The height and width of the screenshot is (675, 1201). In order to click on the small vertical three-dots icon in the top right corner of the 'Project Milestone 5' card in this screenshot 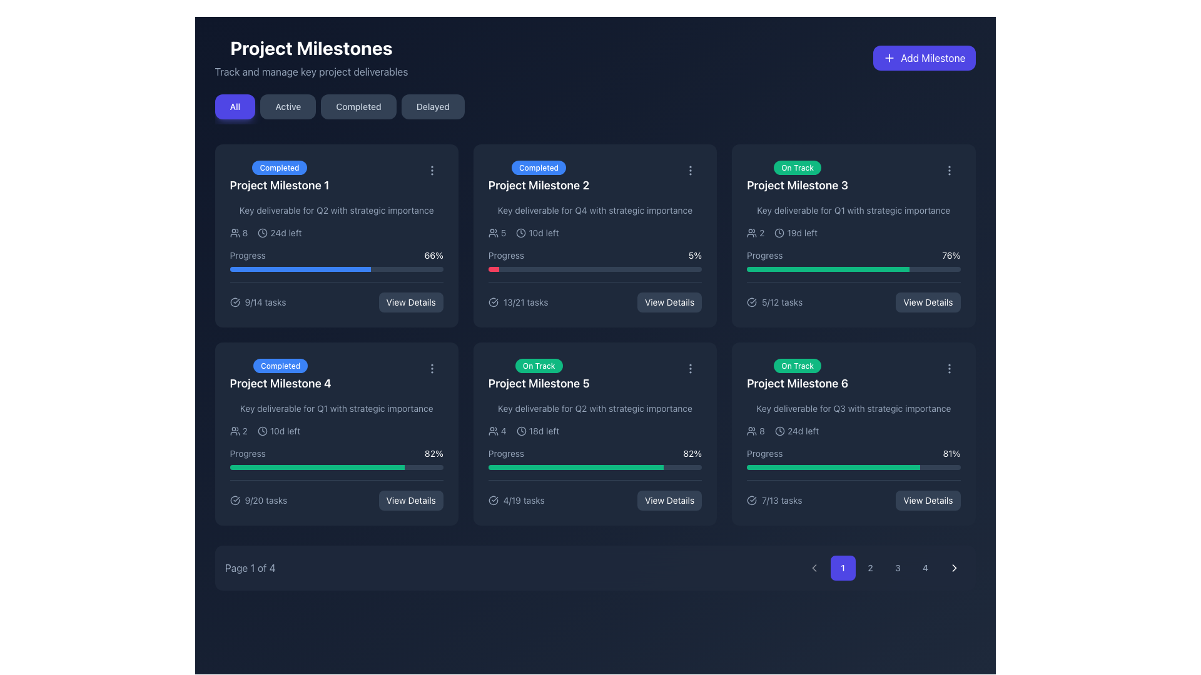, I will do `click(690, 368)`.